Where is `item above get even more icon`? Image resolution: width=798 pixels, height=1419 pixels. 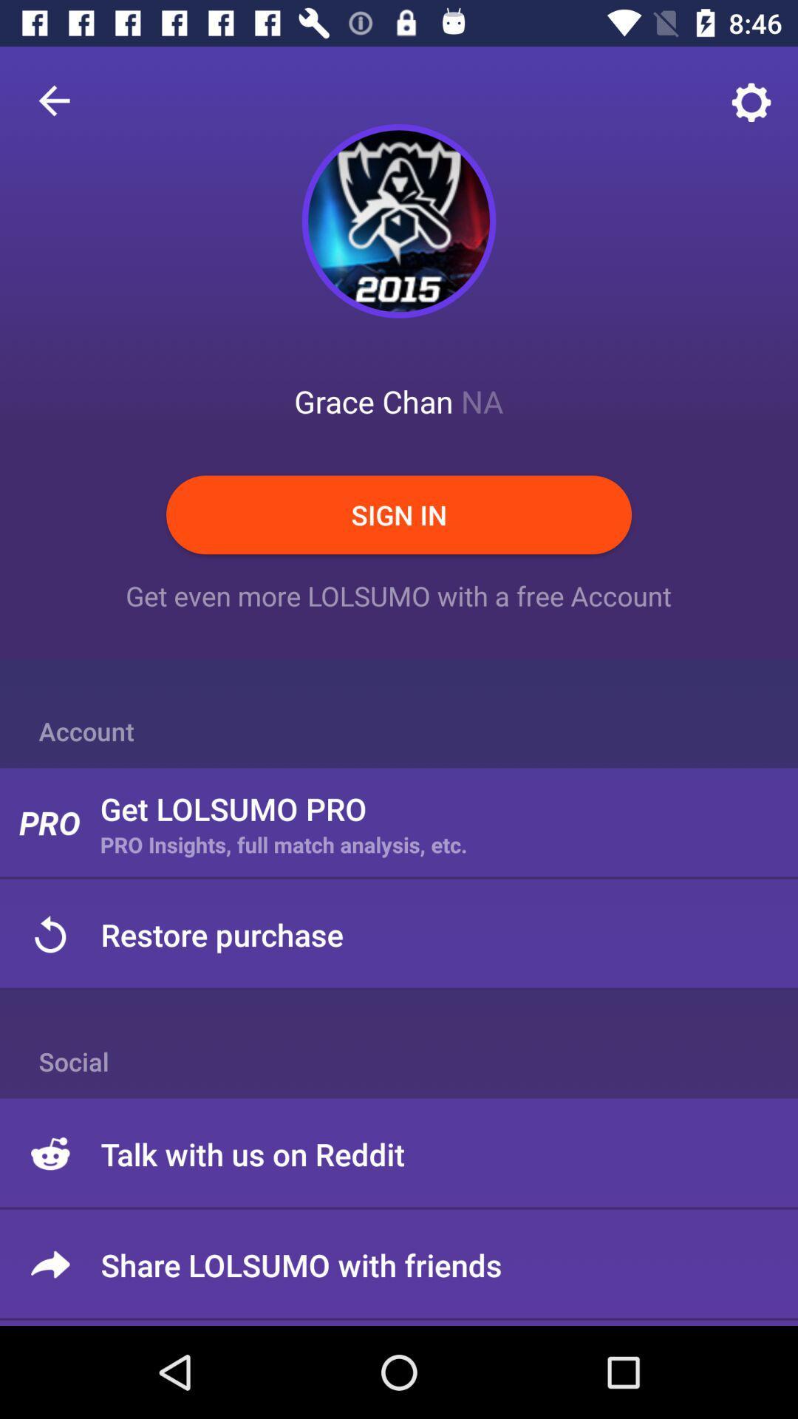 item above get even more icon is located at coordinates (399, 514).